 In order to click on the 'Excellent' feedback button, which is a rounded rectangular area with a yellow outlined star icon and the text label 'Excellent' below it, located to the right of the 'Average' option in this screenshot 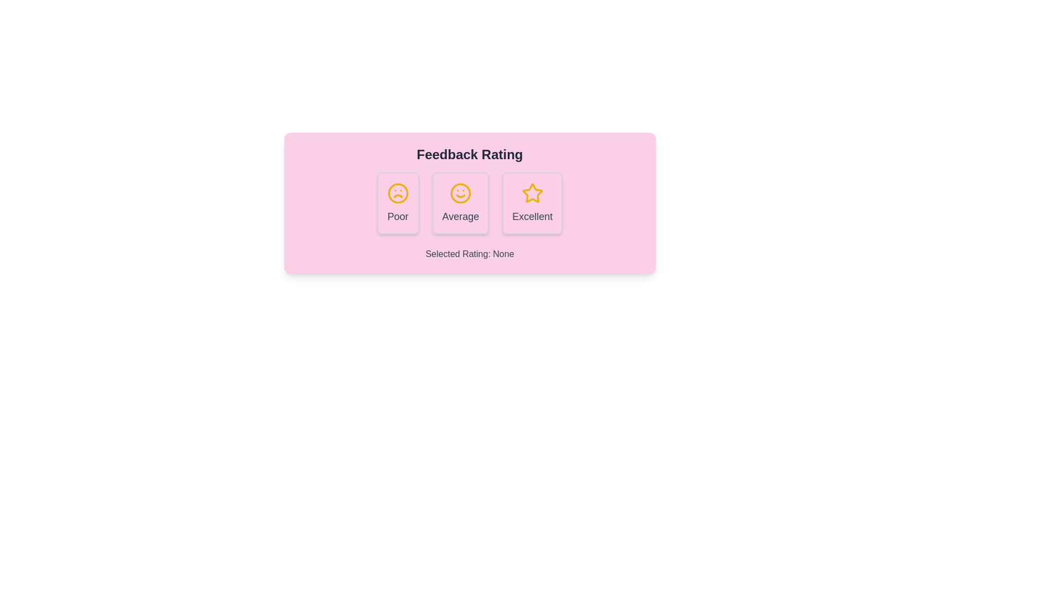, I will do `click(532, 203)`.